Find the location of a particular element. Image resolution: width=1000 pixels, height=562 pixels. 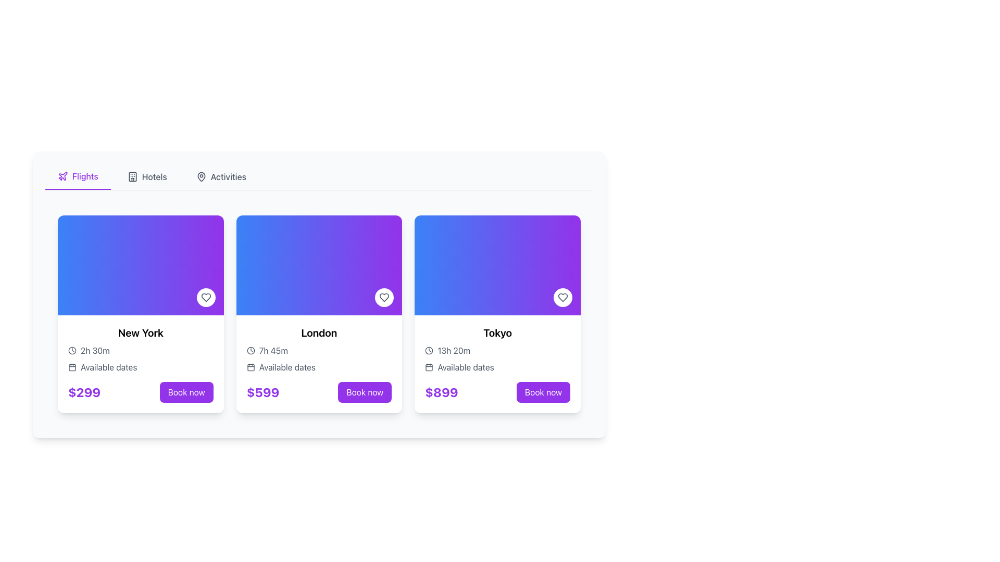

the clock icon located to the left of the '2h 30m' text within the 'New York' card, which visually indicates the duration of an activity is located at coordinates (72, 351).